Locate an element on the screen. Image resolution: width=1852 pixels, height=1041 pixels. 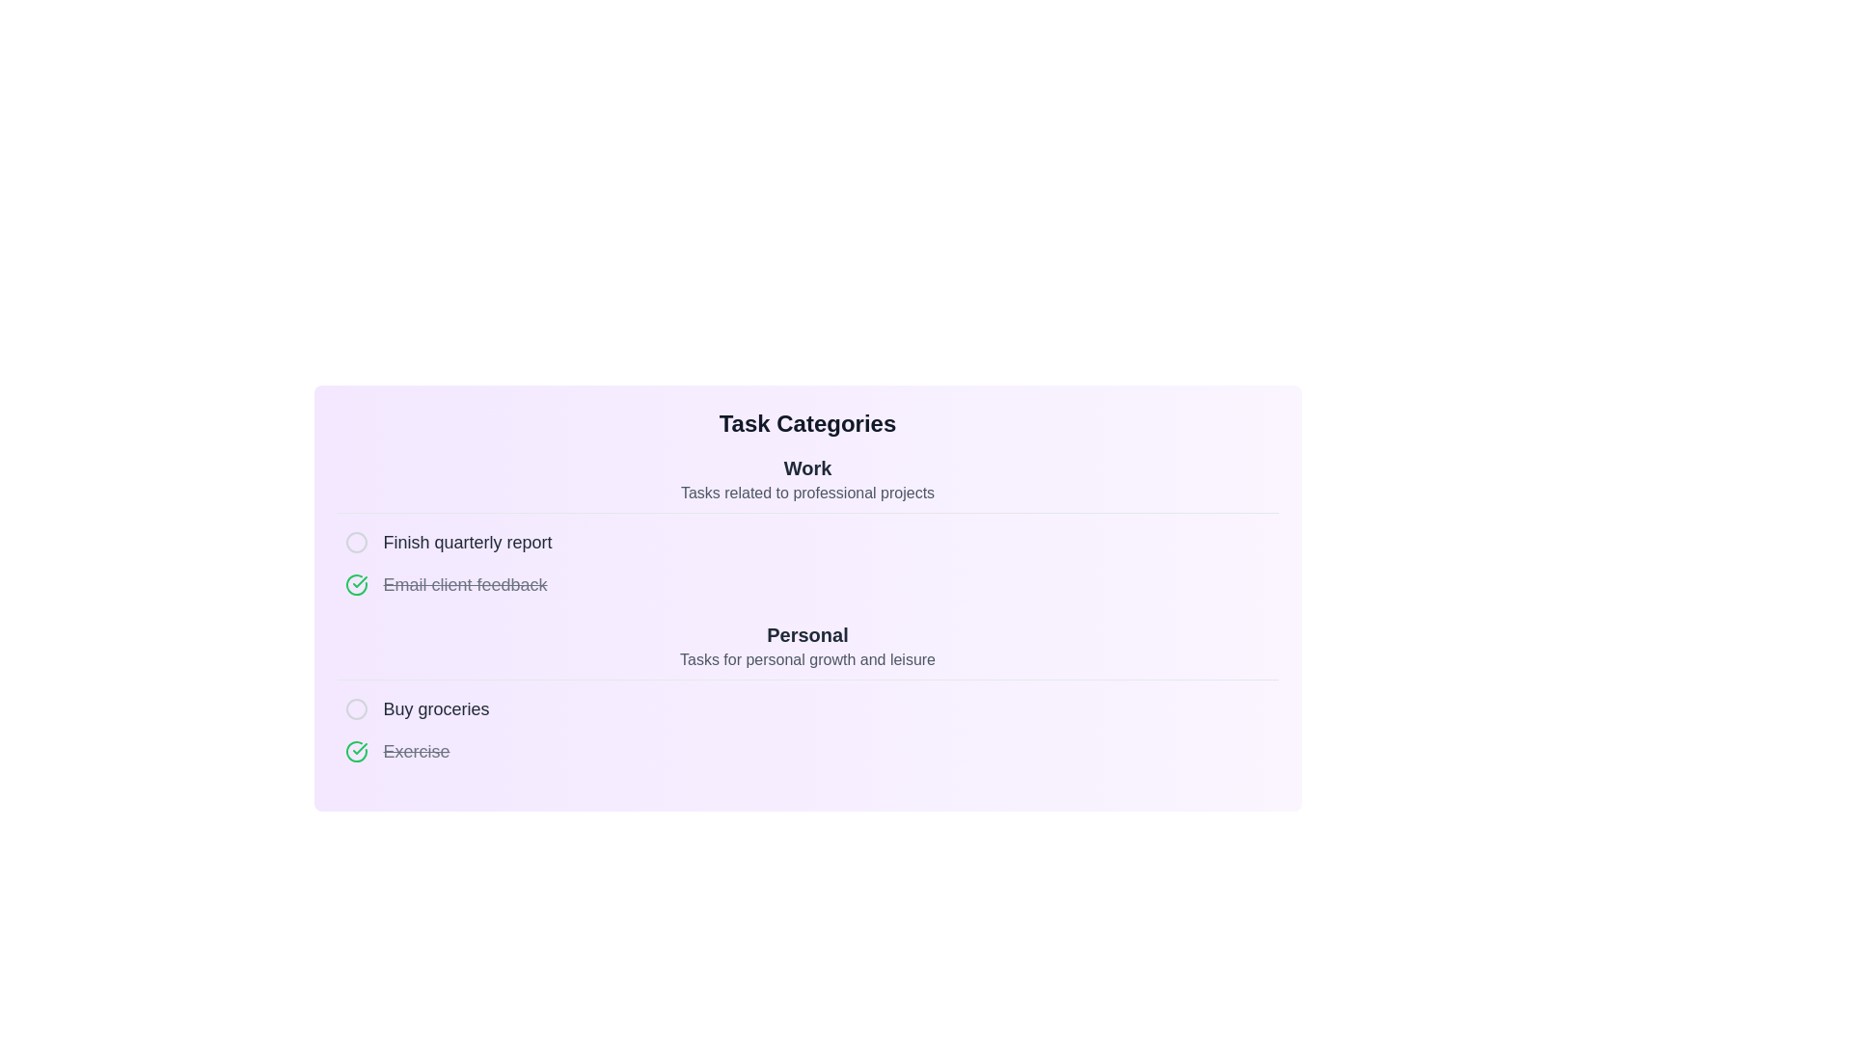
the 'Buy groceries' task label with an associated radio indicator, located in the 'Personal' section of the to-do list is located at coordinates (416, 709).